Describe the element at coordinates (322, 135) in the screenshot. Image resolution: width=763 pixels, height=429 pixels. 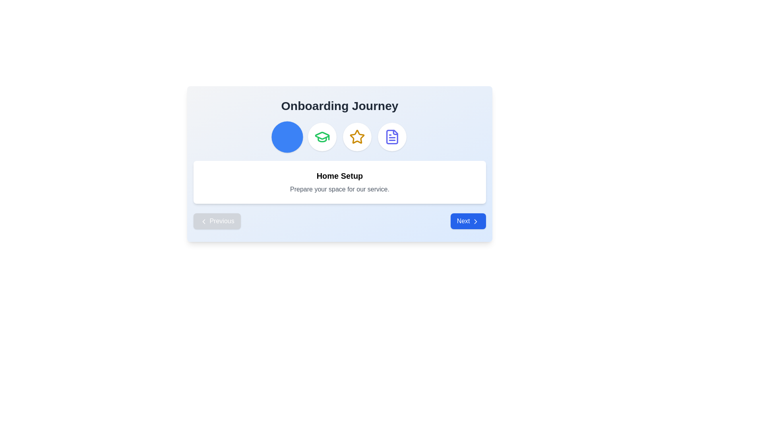
I see `the green graduation cap icon within the circular button` at that location.